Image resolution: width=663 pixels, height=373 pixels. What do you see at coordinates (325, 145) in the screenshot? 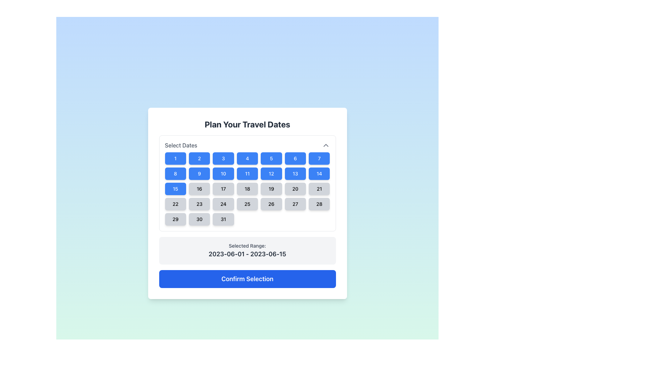
I see `the upward-facing chevron icon located at the right side of the 'Select Dates' bar` at bounding box center [325, 145].